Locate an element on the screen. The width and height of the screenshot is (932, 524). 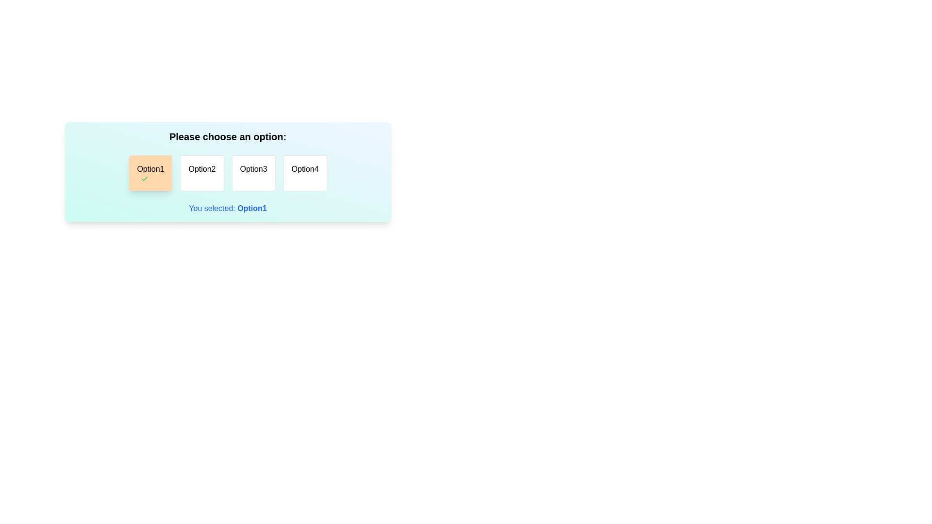
the text label of the leftmost button under the heading 'Please choose an option:' is located at coordinates (150, 168).